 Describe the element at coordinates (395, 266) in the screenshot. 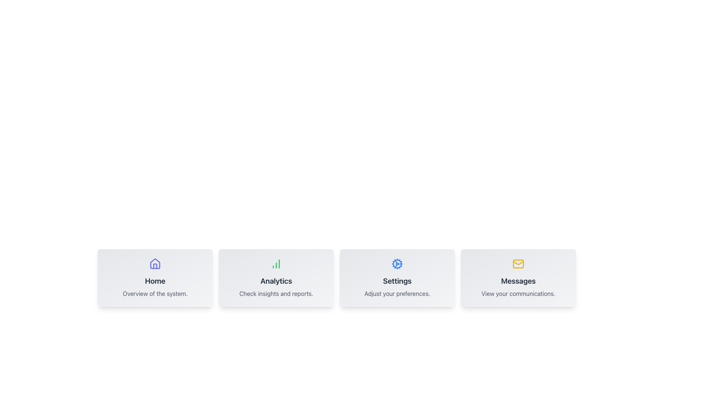

I see `the gear icon, which is part of the 'Settings' button, located centrally within the button layout` at that location.